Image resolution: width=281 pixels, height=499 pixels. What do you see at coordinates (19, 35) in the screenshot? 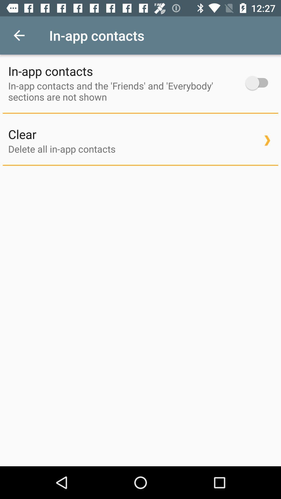
I see `the item to the left of in-app contacts` at bounding box center [19, 35].